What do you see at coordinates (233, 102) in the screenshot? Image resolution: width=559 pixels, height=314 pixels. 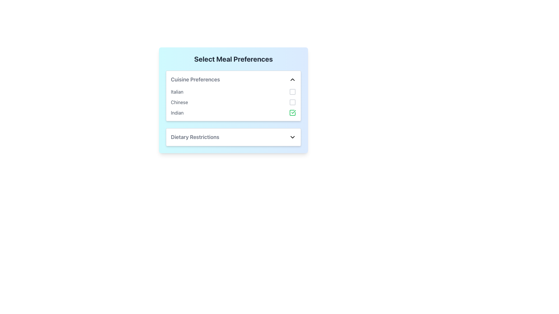 I see `the checkbox in the Cuisine Preferences list` at bounding box center [233, 102].